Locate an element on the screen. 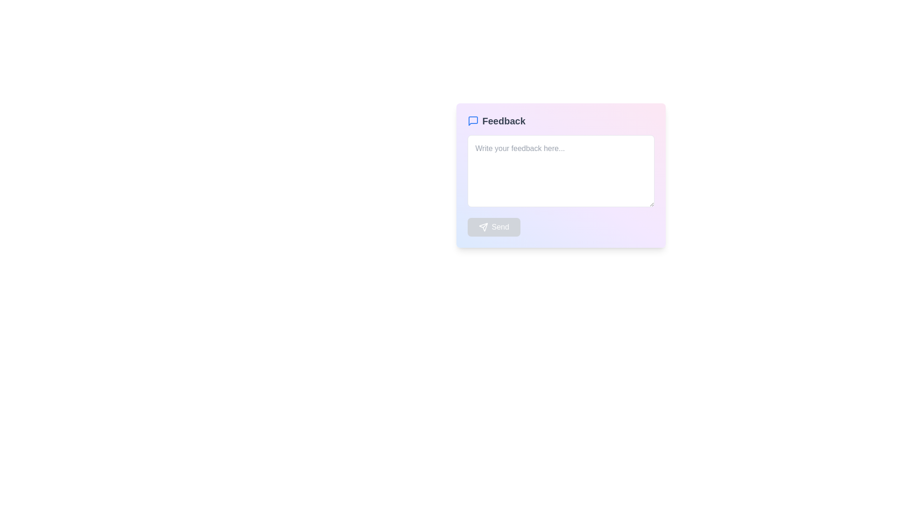  the 'Feedback' text label, which is styled in a bold and larger font, gray in color, and positioned to the right of a blue message-icon graphic is located at coordinates (503, 120).